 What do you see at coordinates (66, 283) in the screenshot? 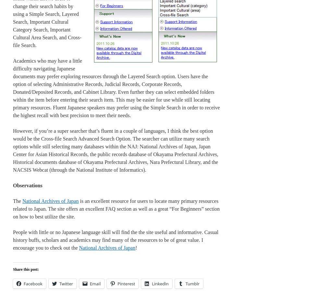
I see `'Twitter'` at bounding box center [66, 283].